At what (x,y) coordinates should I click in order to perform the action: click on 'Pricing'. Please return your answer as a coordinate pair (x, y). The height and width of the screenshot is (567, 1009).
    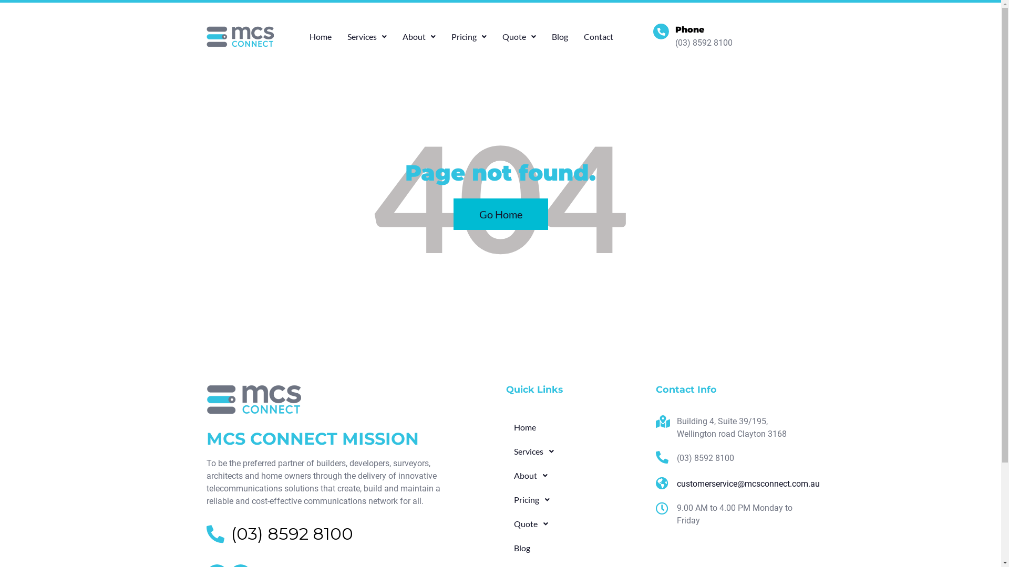
    Looking at the image, I should click on (505, 499).